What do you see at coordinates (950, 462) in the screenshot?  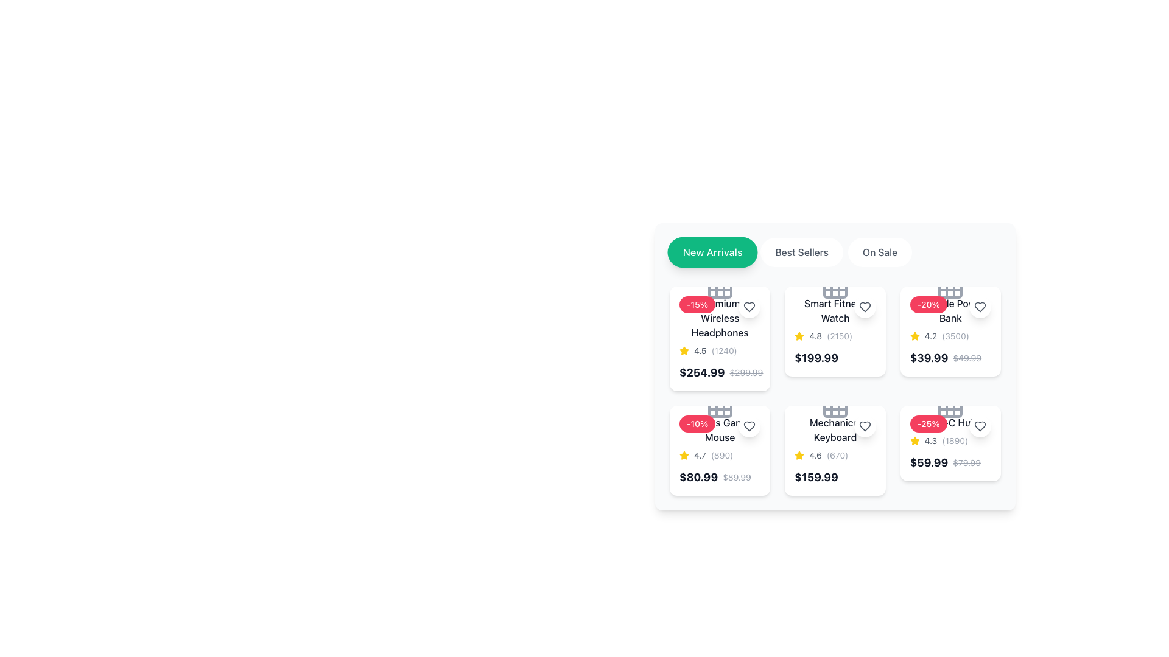 I see `the price display showing '$59.99' and '$79.99' in the bottom-right corner of the product card in the 'On Sale' section` at bounding box center [950, 462].